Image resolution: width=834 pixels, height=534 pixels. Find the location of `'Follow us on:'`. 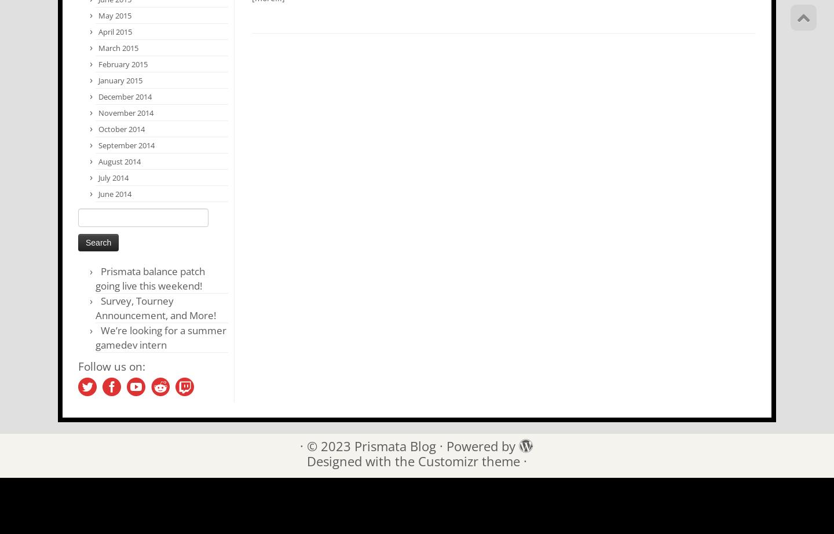

'Follow us on:' is located at coordinates (111, 366).